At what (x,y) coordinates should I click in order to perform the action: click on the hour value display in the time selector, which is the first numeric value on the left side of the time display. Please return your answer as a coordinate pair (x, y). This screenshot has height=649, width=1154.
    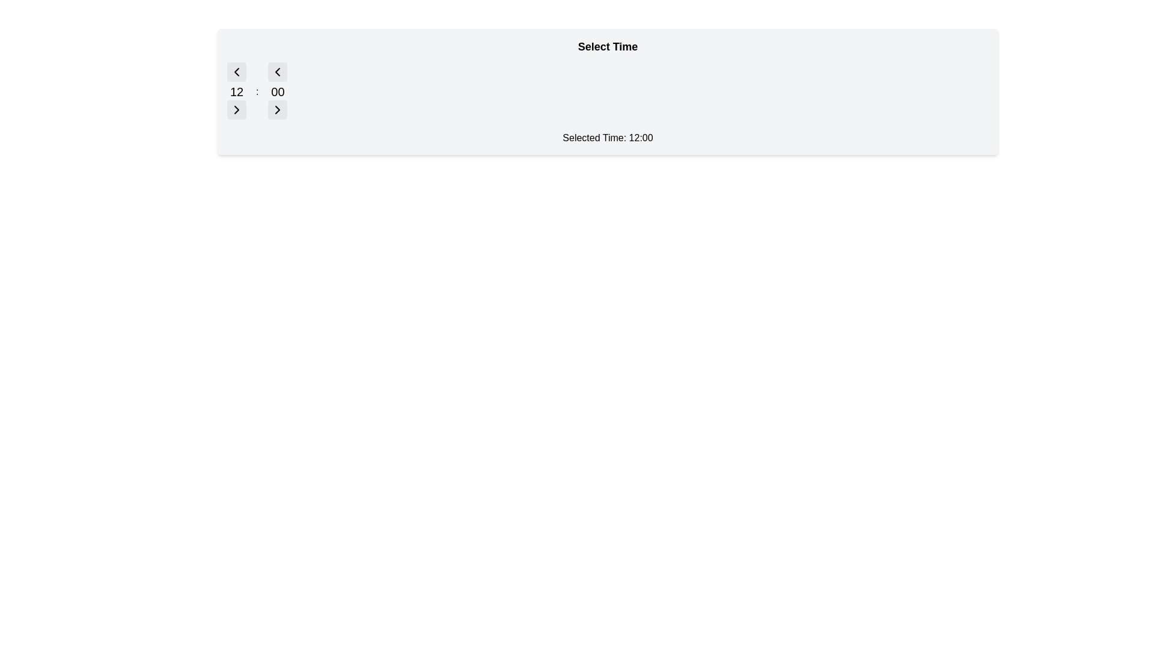
    Looking at the image, I should click on (236, 91).